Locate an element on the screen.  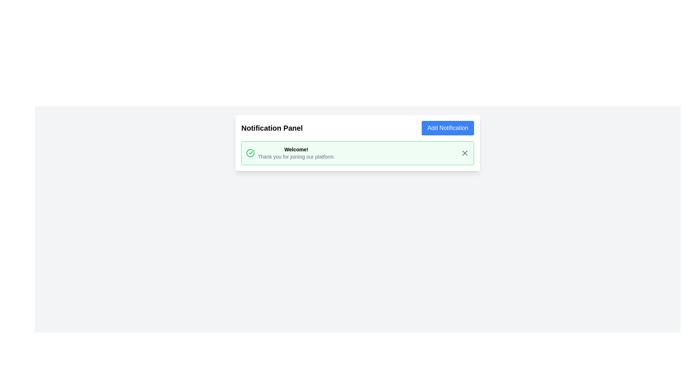
the centrally aligned title or welcome message text within the notification box to possibly see additional styles is located at coordinates (296, 149).